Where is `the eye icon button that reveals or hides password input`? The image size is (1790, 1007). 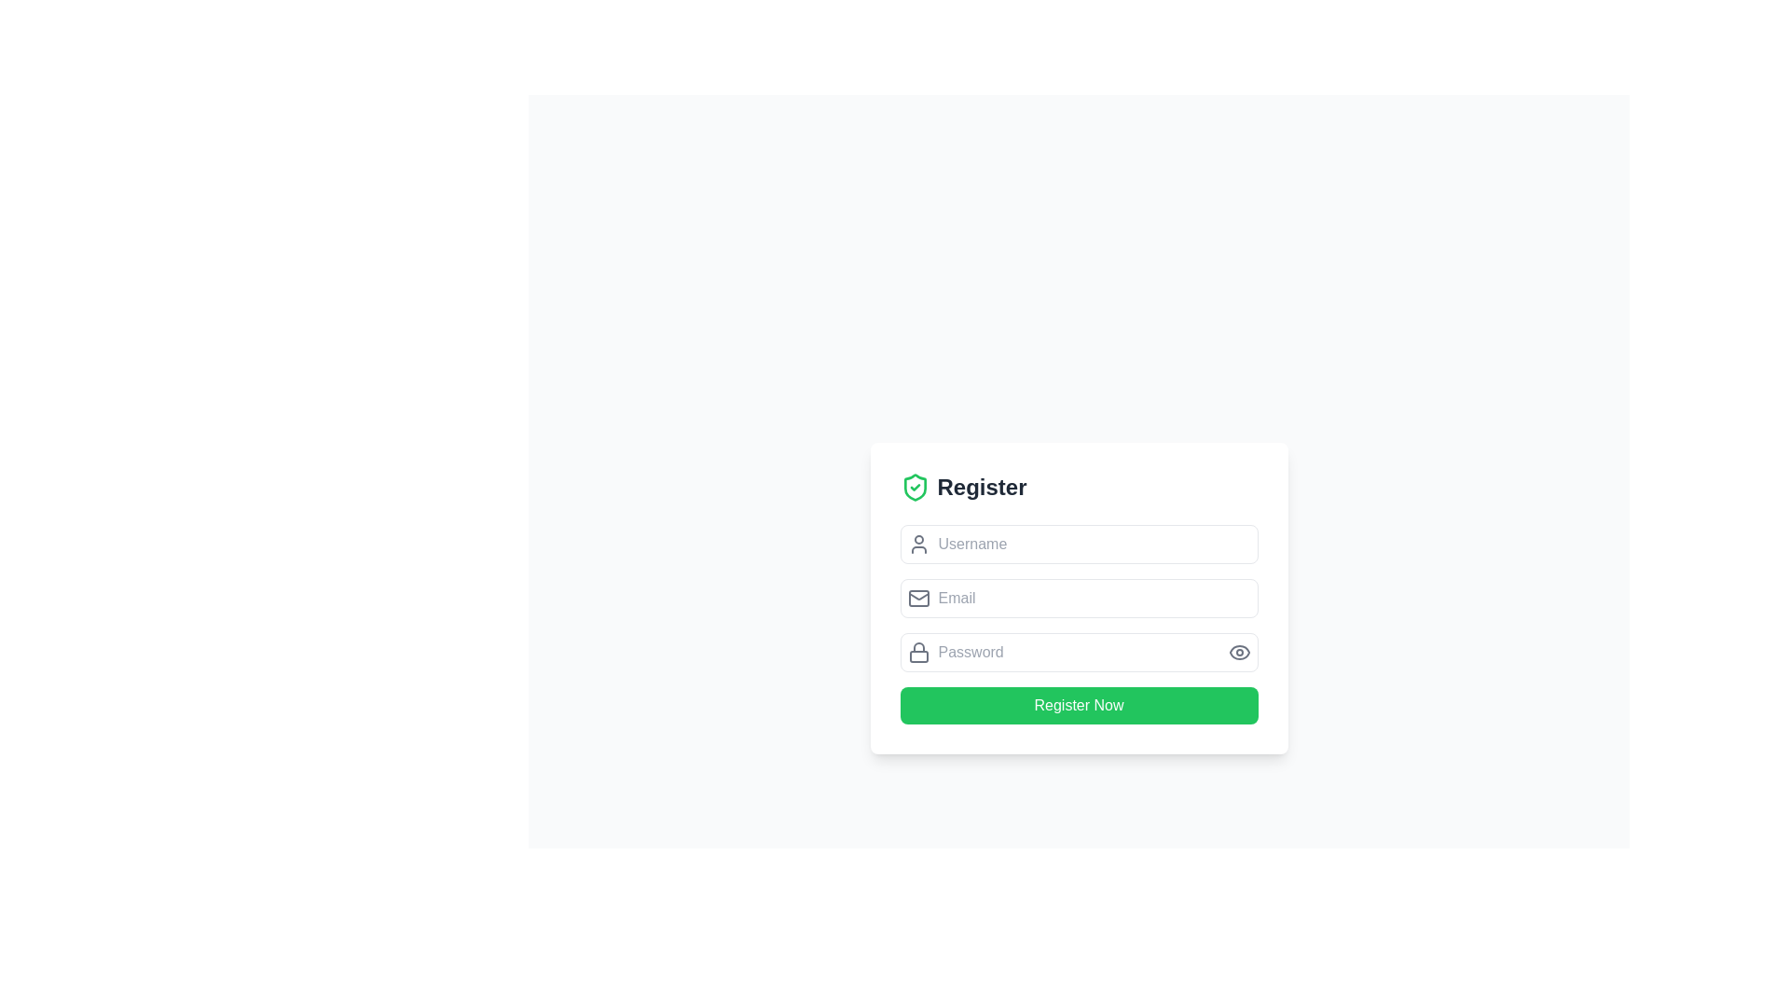
the eye icon button that reveals or hides password input is located at coordinates (1239, 651).